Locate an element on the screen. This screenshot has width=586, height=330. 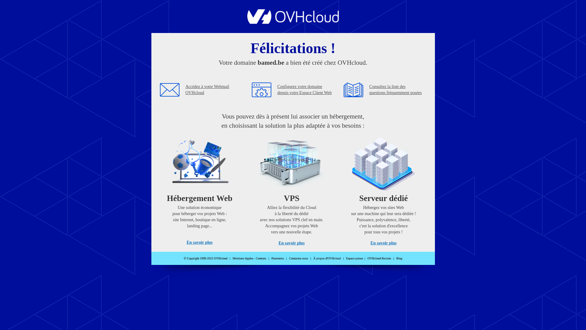
'VPS' is located at coordinates (291, 189).